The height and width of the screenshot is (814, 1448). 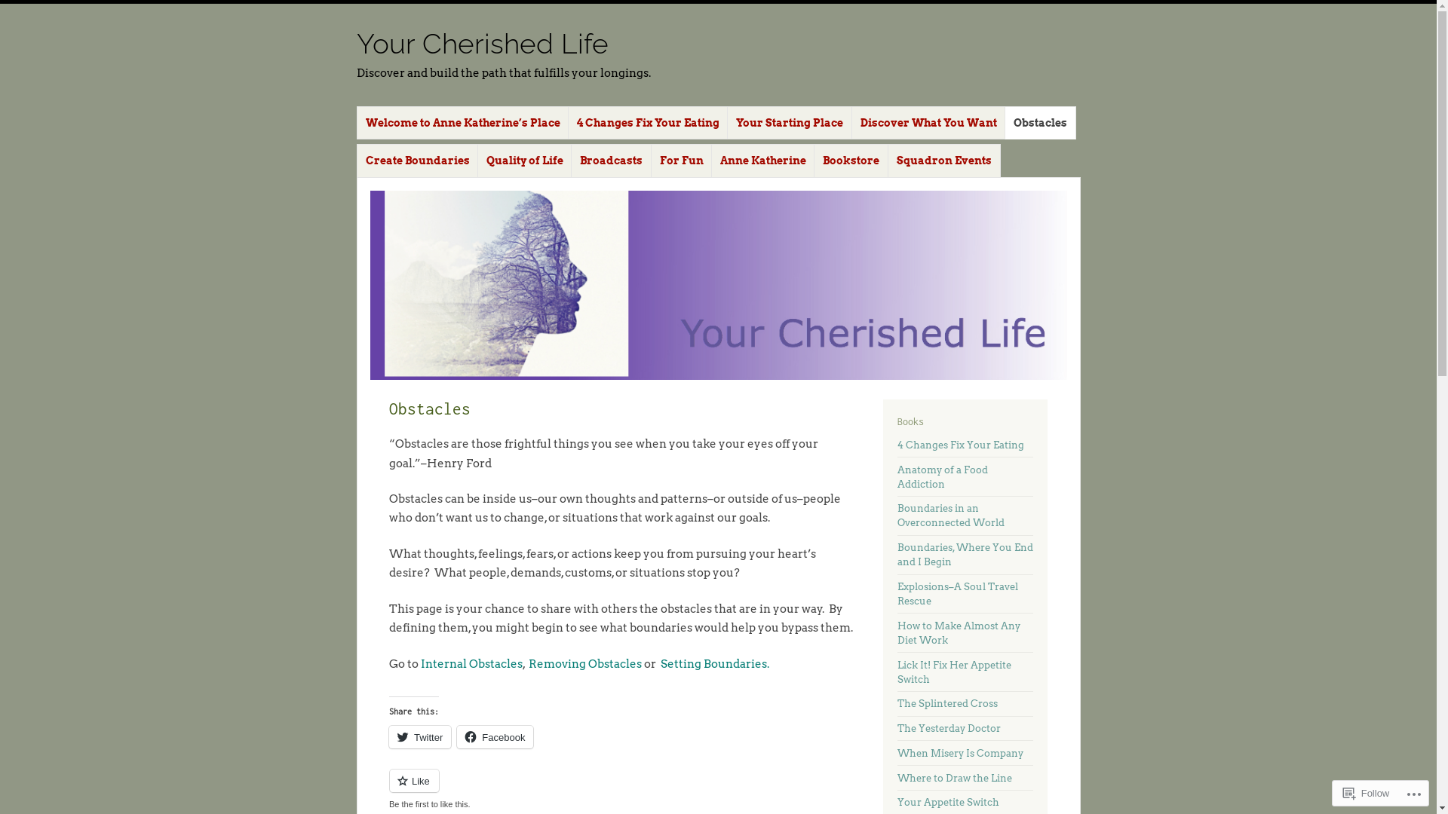 What do you see at coordinates (946, 703) in the screenshot?
I see `'The Splintered Cross'` at bounding box center [946, 703].